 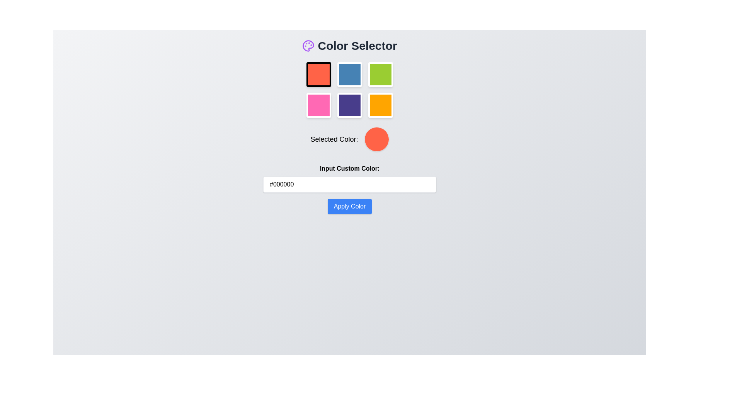 What do you see at coordinates (319, 74) in the screenshot?
I see `the red, square-shaped interactive tile with rounded corners located at the top-left of the 3x2 grid layout` at bounding box center [319, 74].